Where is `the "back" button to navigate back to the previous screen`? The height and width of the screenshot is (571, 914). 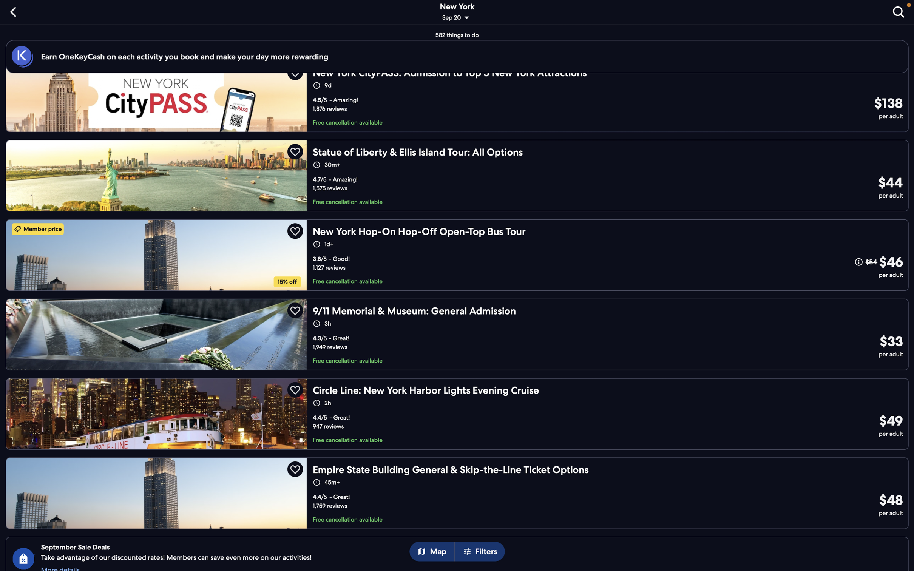
the "back" button to navigate back to the previous screen is located at coordinates (15, 11).